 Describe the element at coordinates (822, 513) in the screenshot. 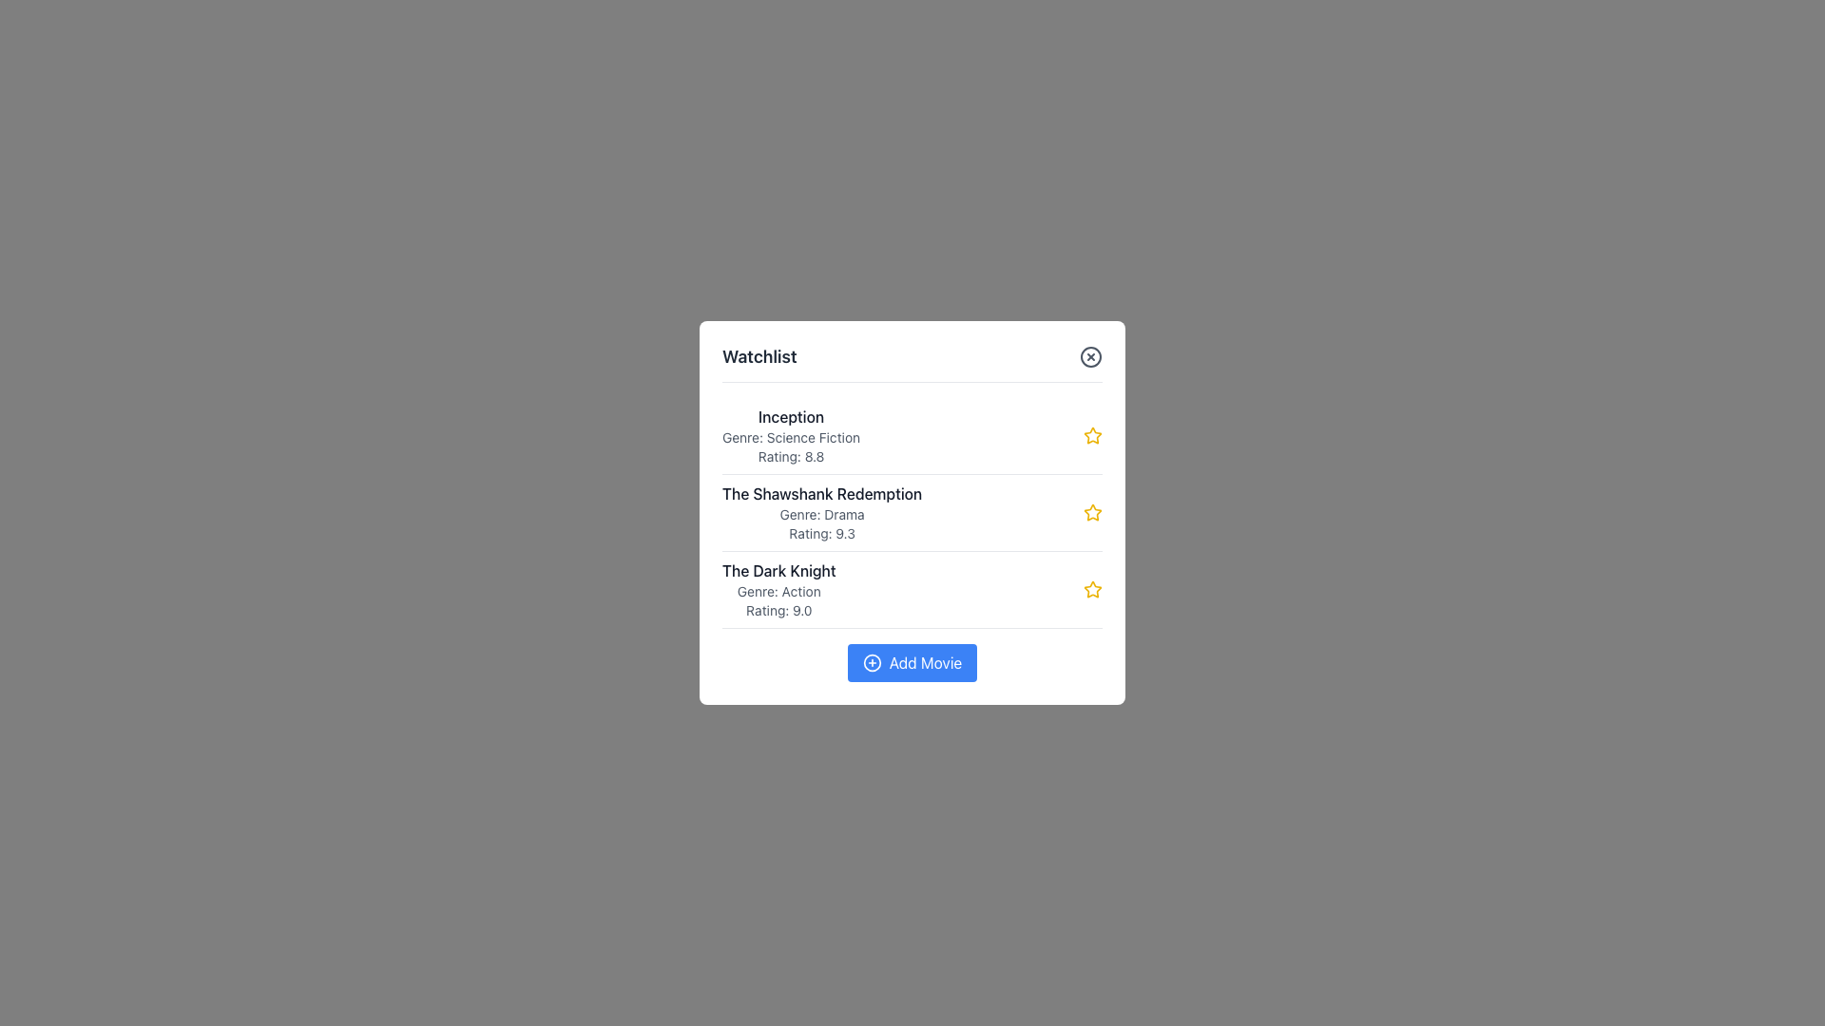

I see `information displayed in the Text Block titled 'The Shawshank Redemption', which includes its genre 'Drama' and rating '9.3'` at that location.